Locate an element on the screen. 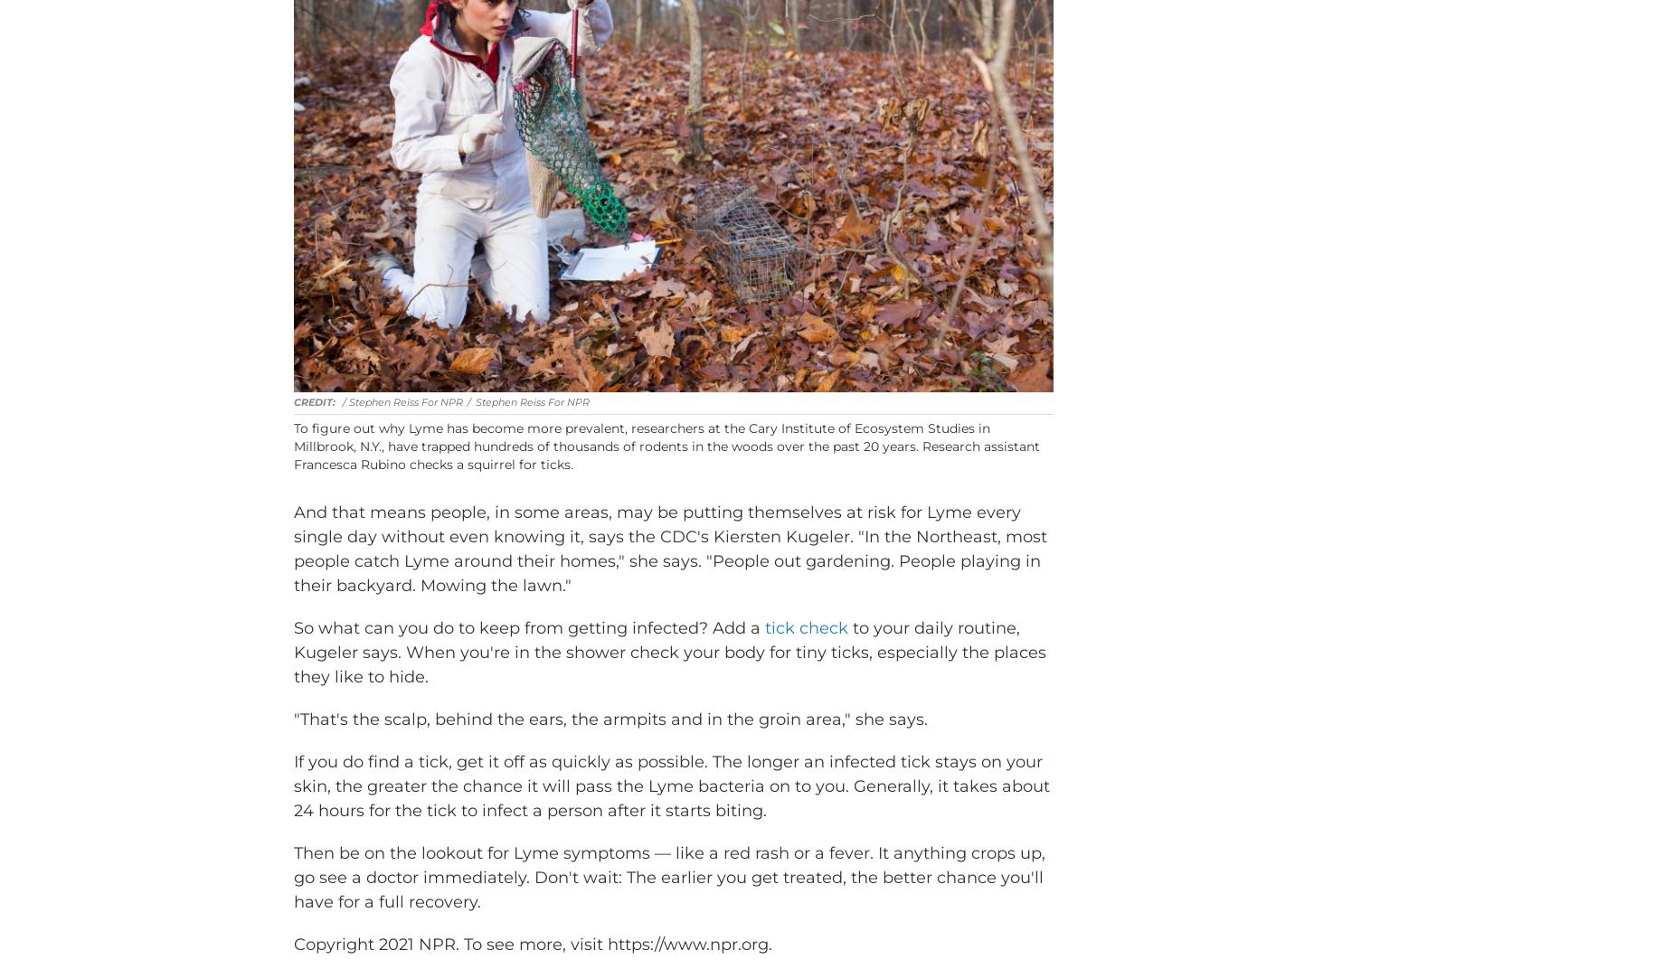 The image size is (1673, 969). 'tick check' is located at coordinates (807, 654).